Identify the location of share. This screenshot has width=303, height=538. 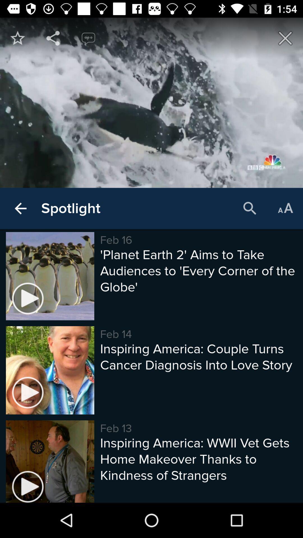
(53, 38).